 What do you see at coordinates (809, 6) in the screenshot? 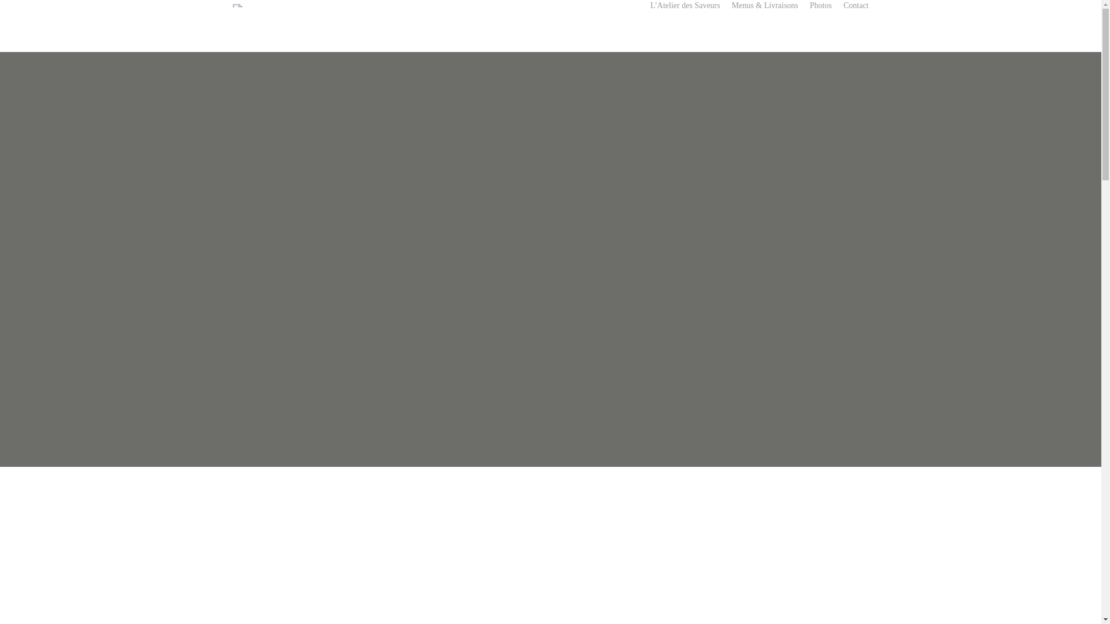
I see `'Photos'` at bounding box center [809, 6].